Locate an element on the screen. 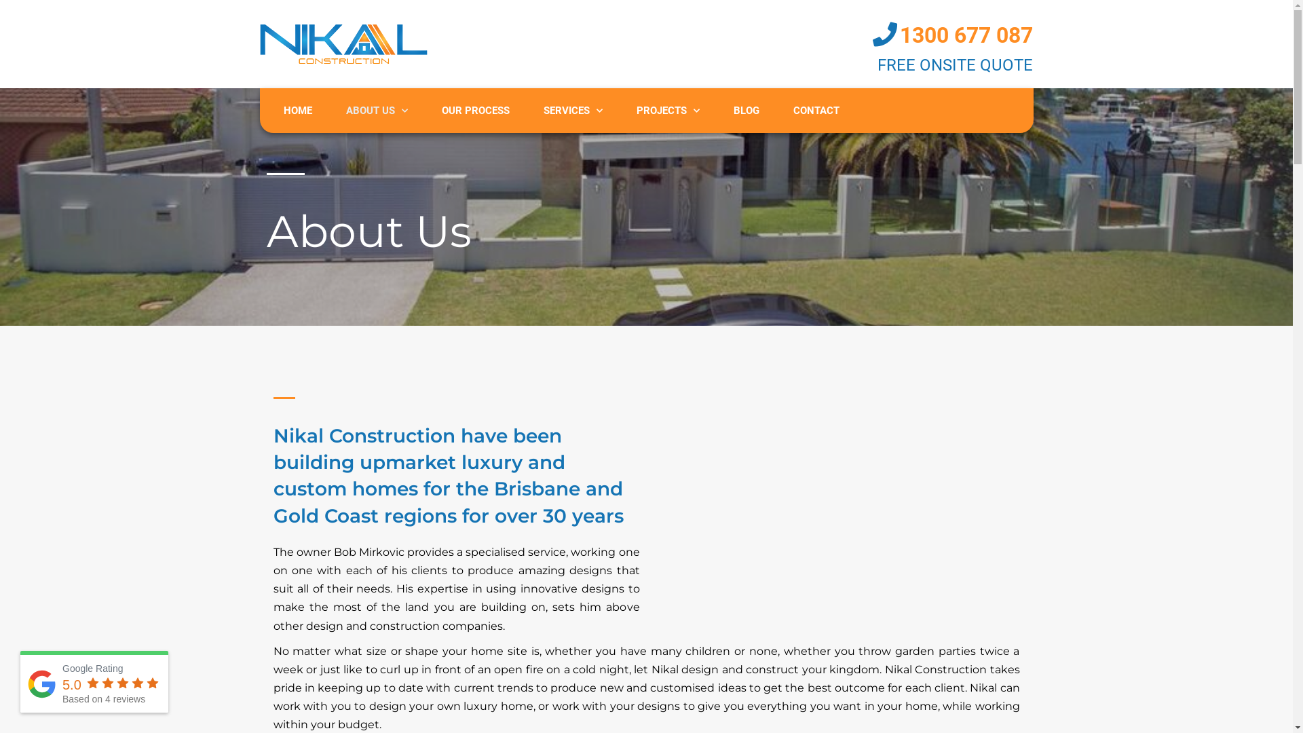 This screenshot has height=733, width=1303. 'CONTACT' is located at coordinates (816, 109).